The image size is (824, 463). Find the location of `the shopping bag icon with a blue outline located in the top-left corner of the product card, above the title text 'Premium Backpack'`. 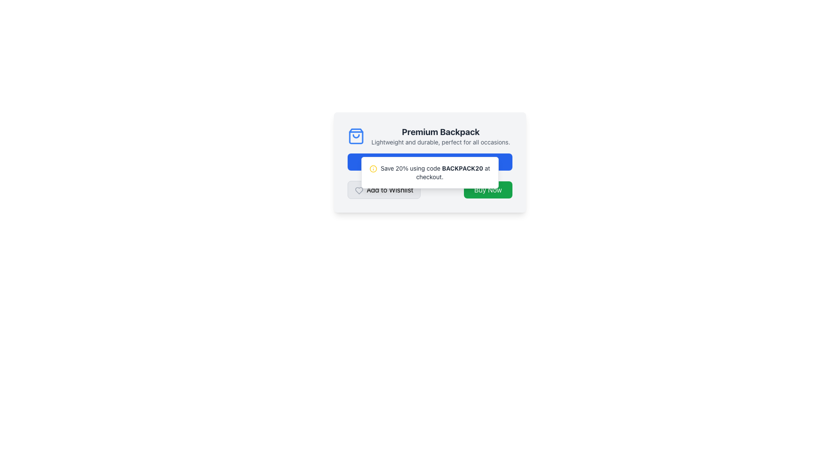

the shopping bag icon with a blue outline located in the top-left corner of the product card, above the title text 'Premium Backpack' is located at coordinates (356, 135).